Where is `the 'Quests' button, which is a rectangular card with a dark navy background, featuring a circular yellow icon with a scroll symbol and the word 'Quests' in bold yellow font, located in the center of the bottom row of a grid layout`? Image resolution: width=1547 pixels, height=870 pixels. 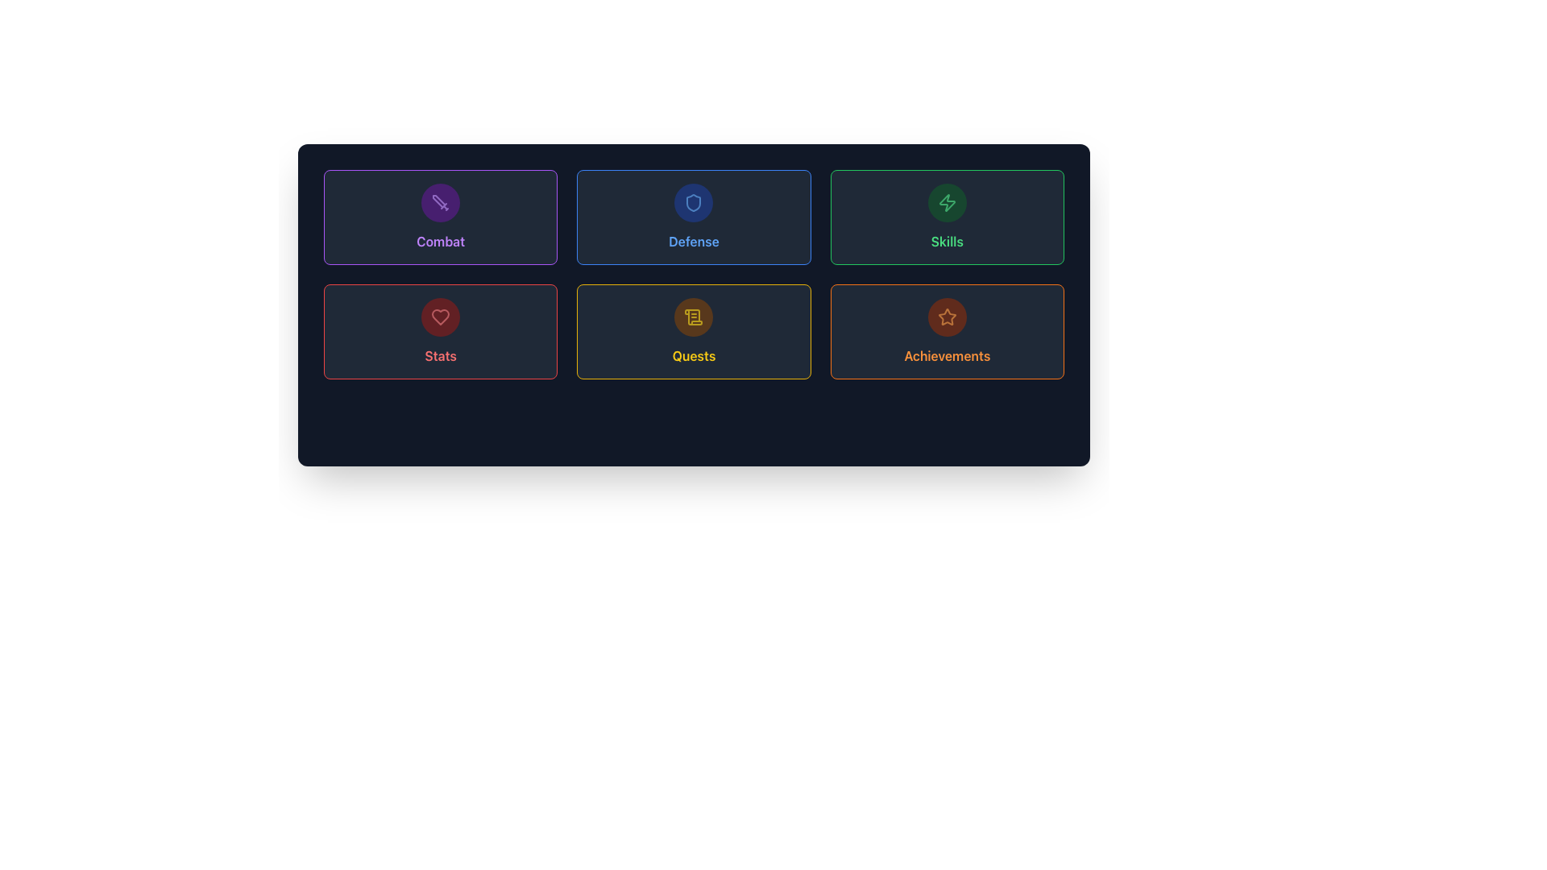
the 'Quests' button, which is a rectangular card with a dark navy background, featuring a circular yellow icon with a scroll symbol and the word 'Quests' in bold yellow font, located in the center of the bottom row of a grid layout is located at coordinates (694, 331).